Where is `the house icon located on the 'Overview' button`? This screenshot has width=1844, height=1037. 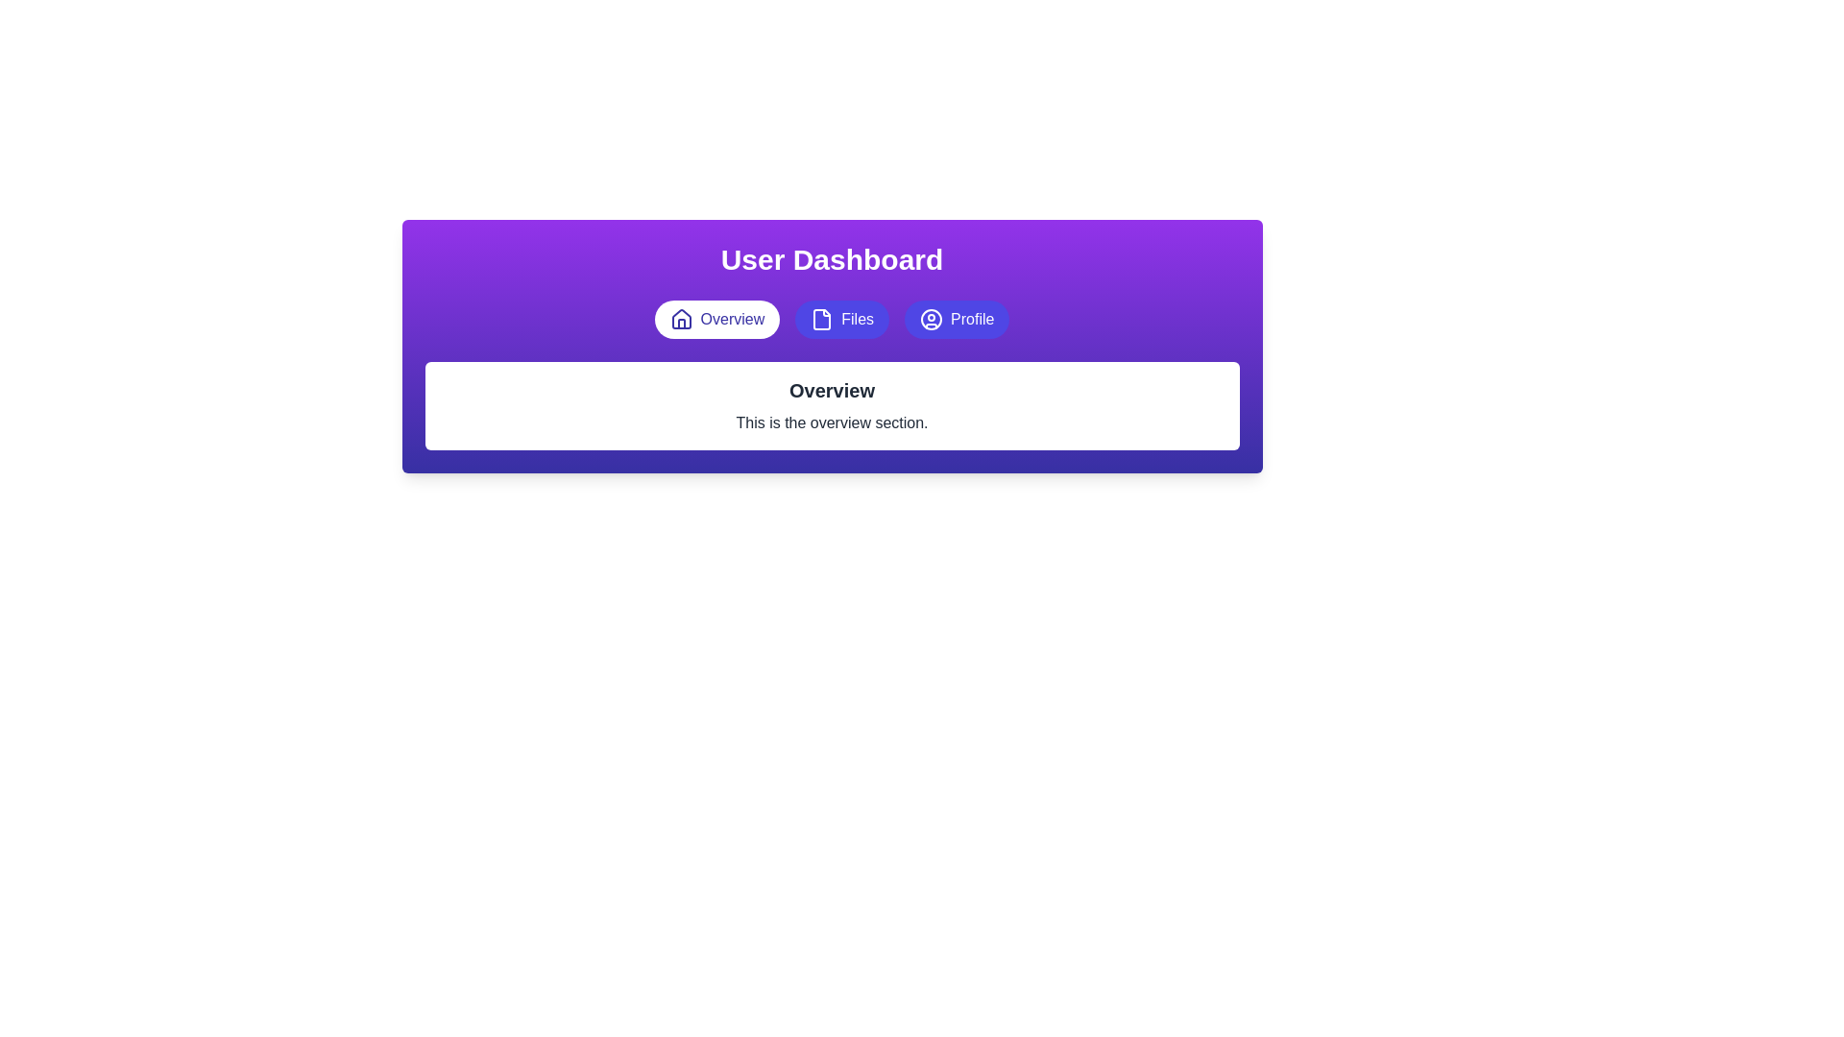
the house icon located on the 'Overview' button is located at coordinates (681, 318).